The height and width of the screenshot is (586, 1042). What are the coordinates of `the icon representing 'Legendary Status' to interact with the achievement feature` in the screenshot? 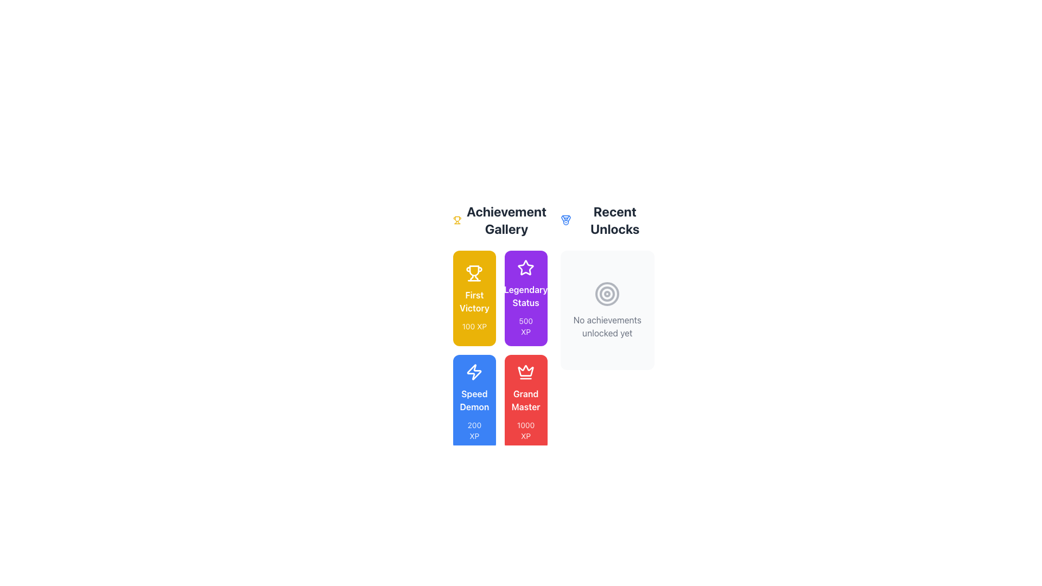 It's located at (526, 267).